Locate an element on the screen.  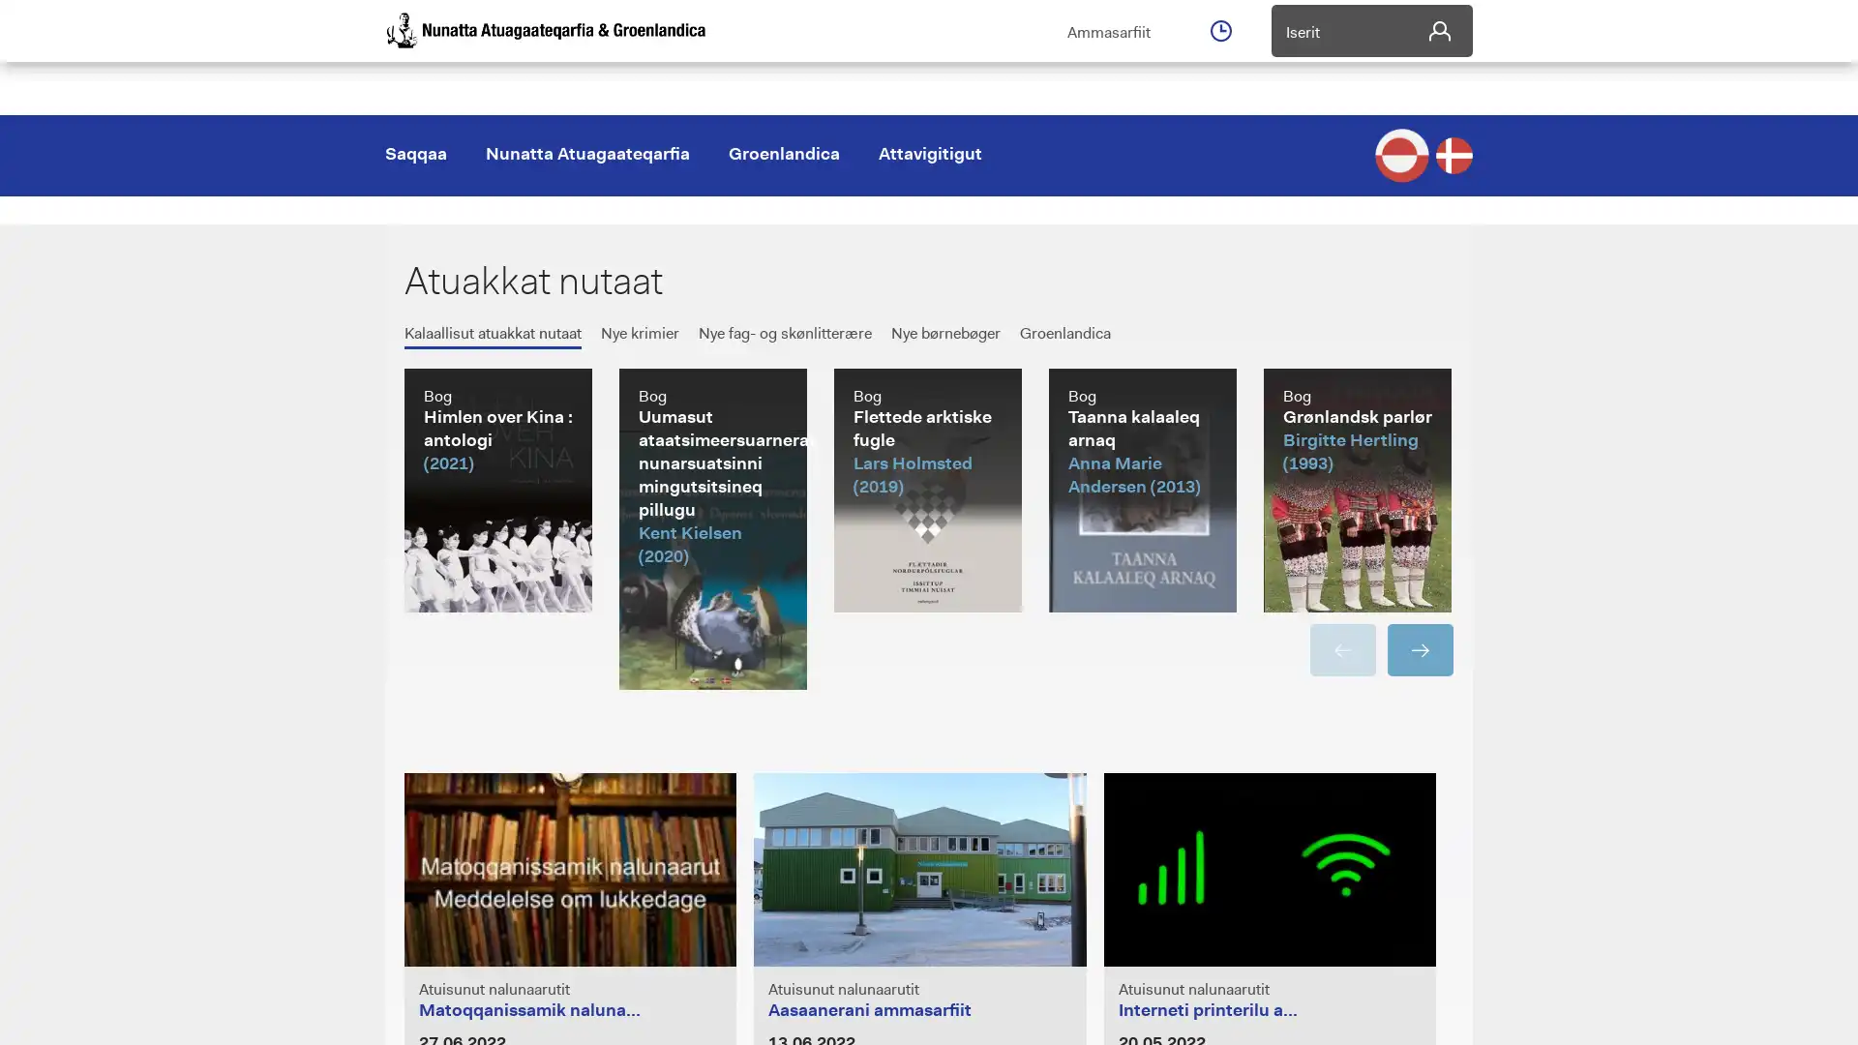
Ujaasigit is located at coordinates (1440, 183).